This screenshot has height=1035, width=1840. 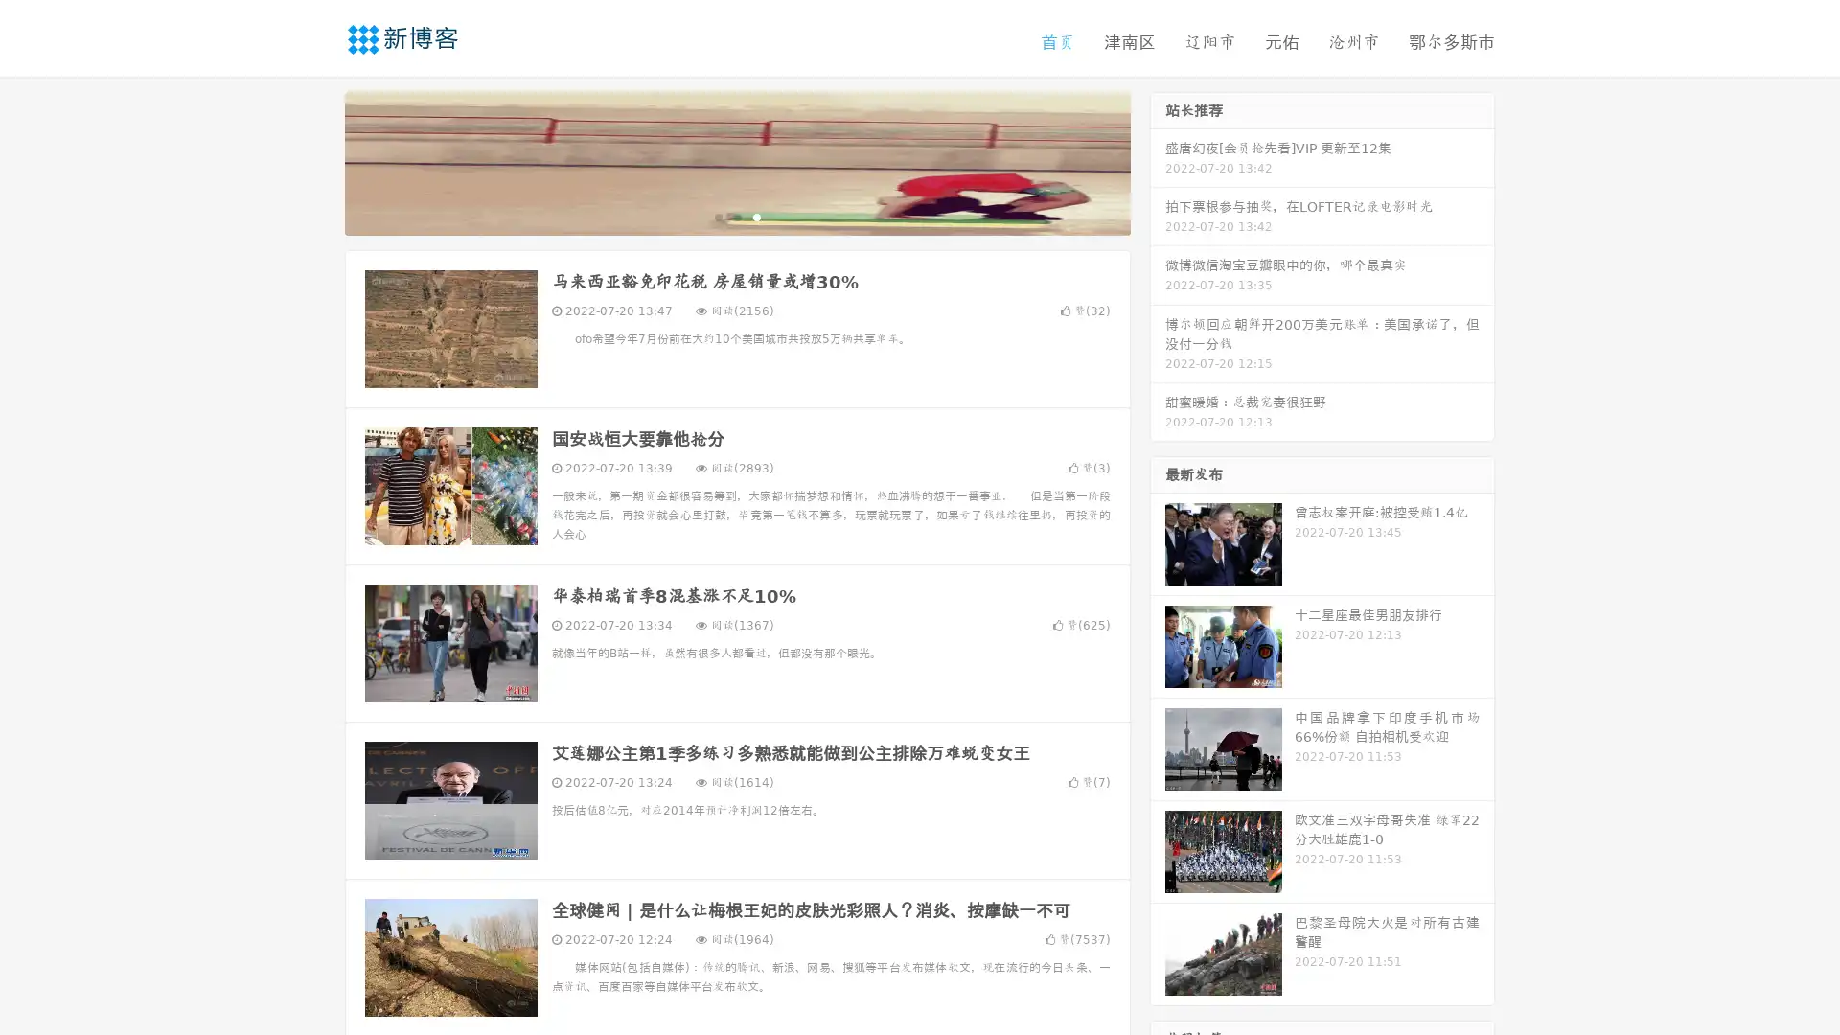 What do you see at coordinates (736, 216) in the screenshot?
I see `Go to slide 2` at bounding box center [736, 216].